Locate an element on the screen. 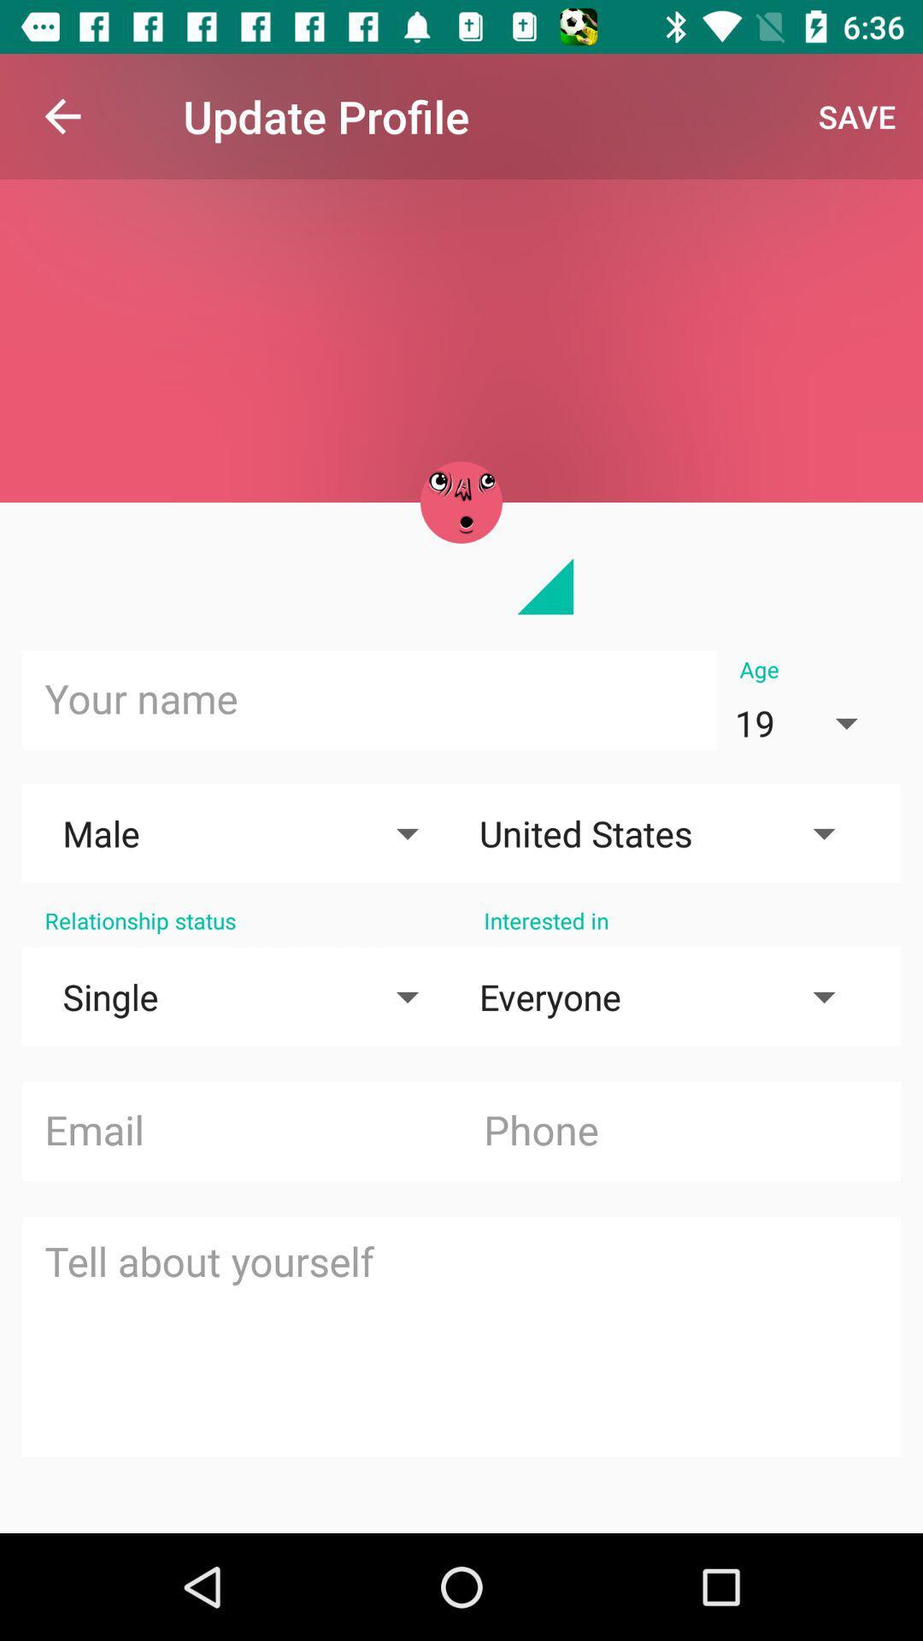  tell about yourself is located at coordinates (461, 1336).